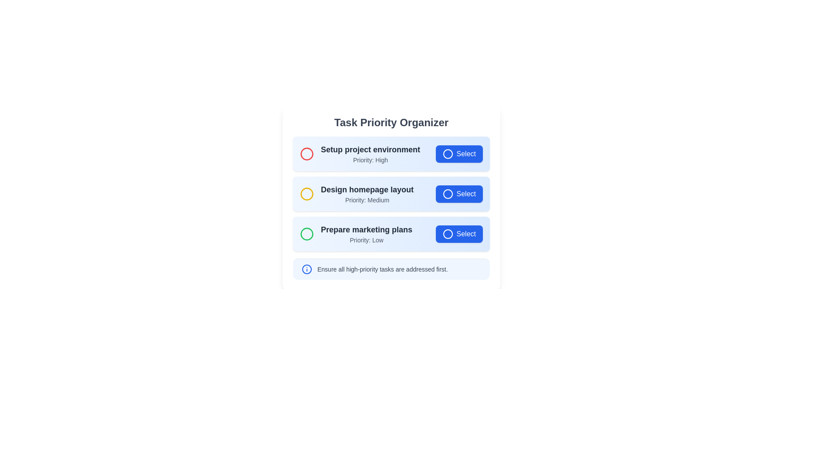 Image resolution: width=836 pixels, height=470 pixels. I want to click on informational text labeled 'Setup project environment' with a priority level 'High' that is the first item in the vertical task list under the title 'Task Priority Organizer', so click(360, 154).